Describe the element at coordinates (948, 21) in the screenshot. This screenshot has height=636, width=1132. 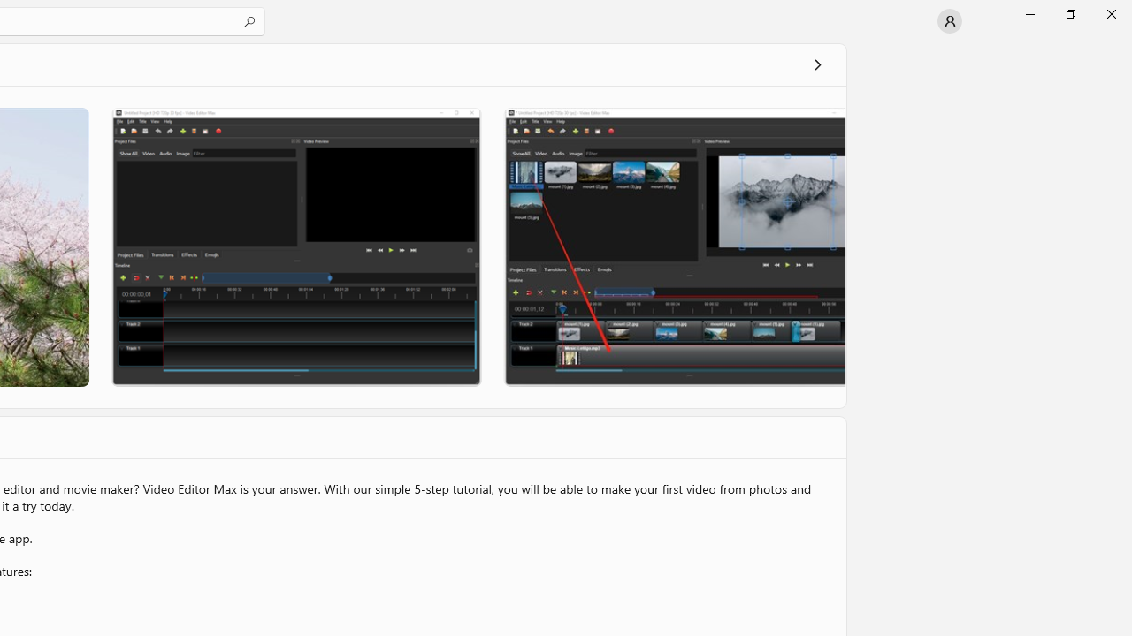
I see `'User profile'` at that location.